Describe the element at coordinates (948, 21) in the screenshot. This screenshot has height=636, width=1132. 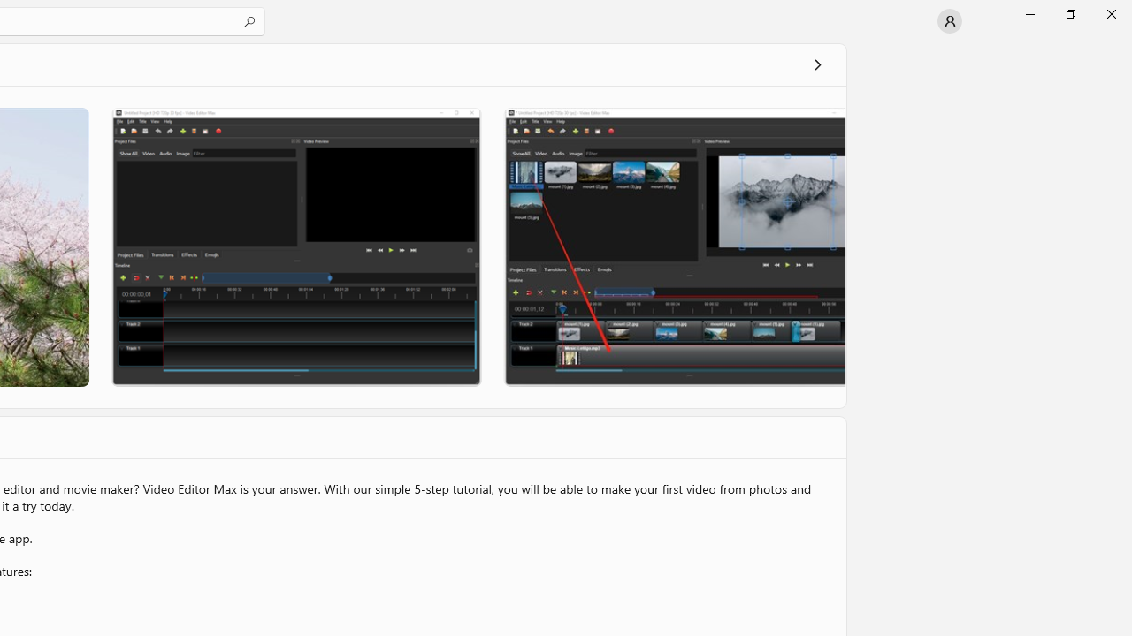
I see `'User profile'` at that location.